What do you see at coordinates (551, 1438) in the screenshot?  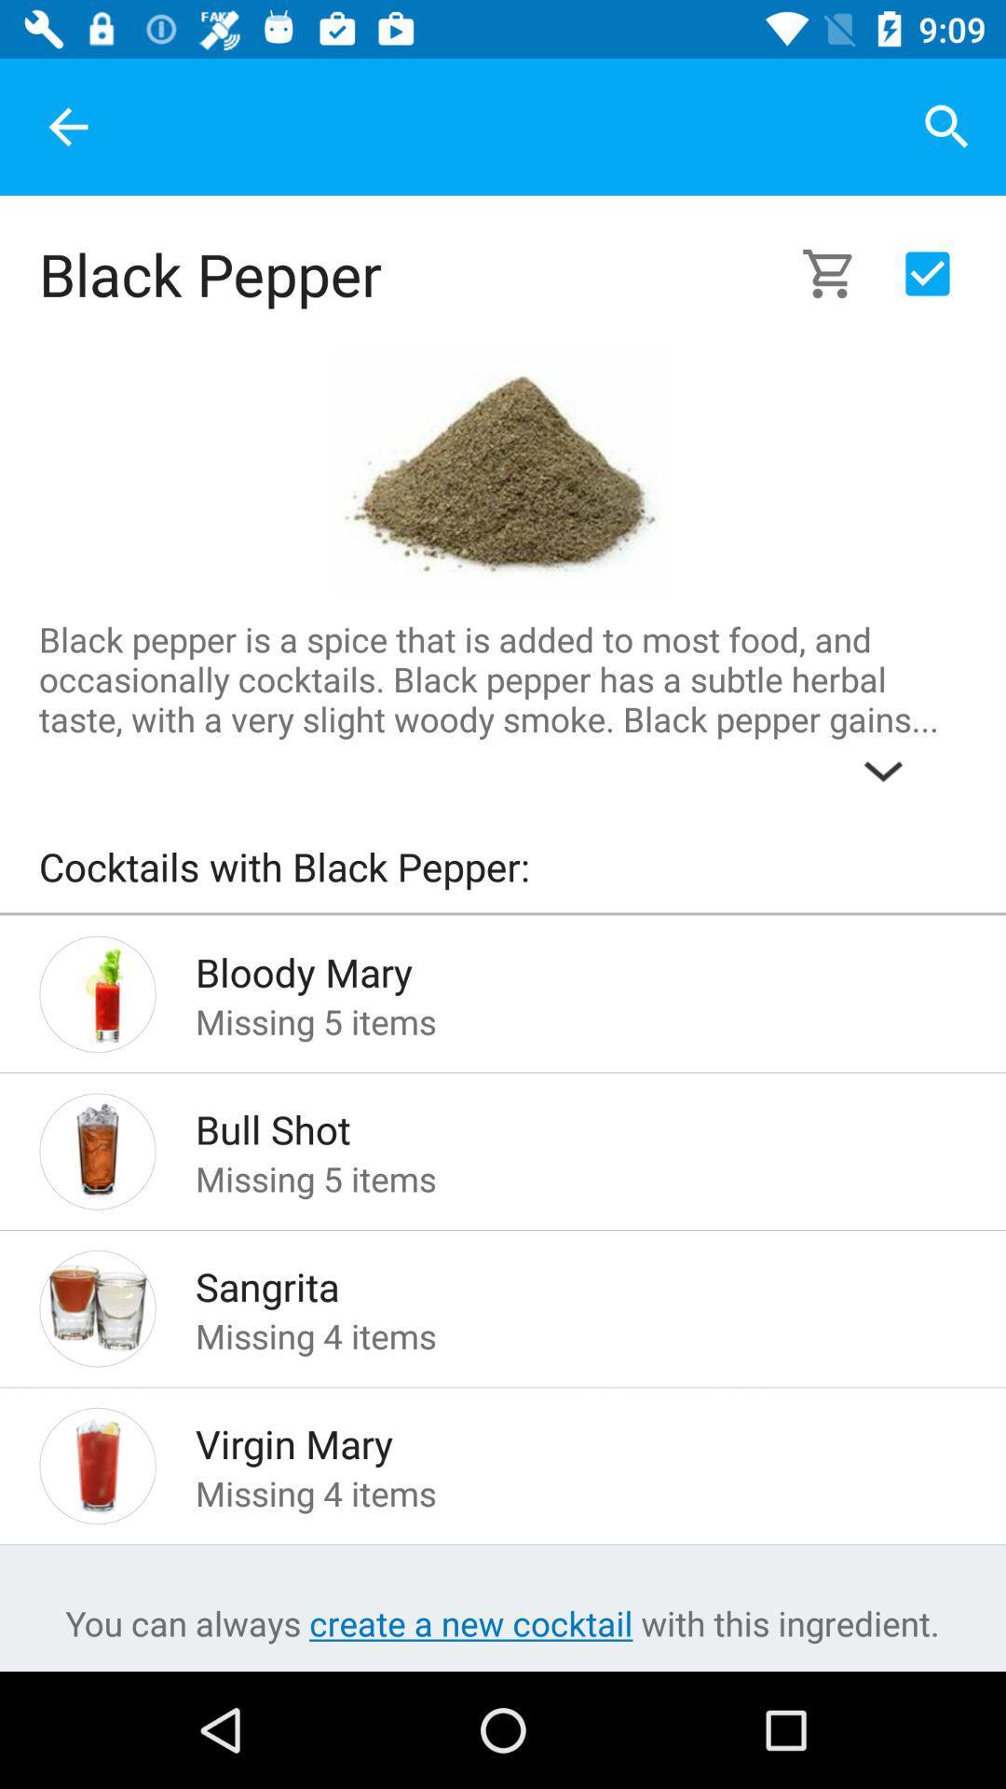 I see `the icon above missing 4 items icon` at bounding box center [551, 1438].